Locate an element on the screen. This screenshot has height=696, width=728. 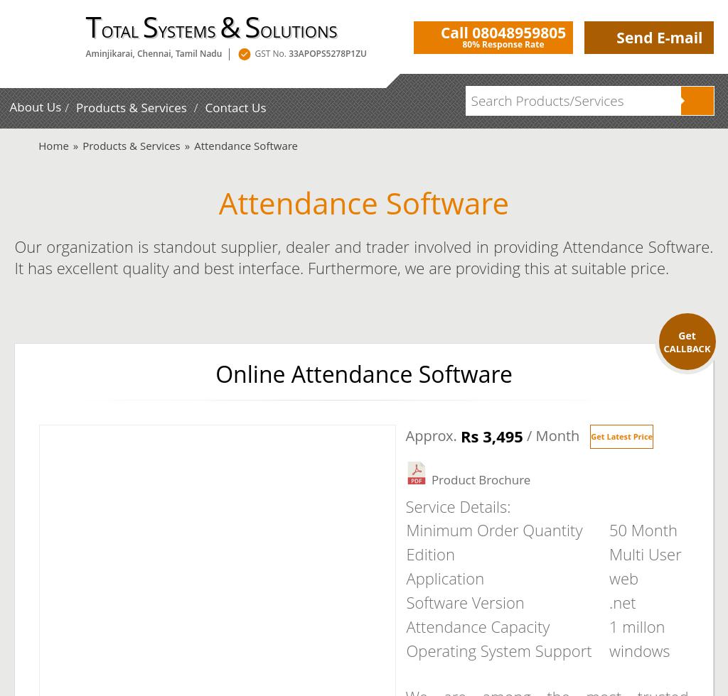
'Multi User' is located at coordinates (644, 553).